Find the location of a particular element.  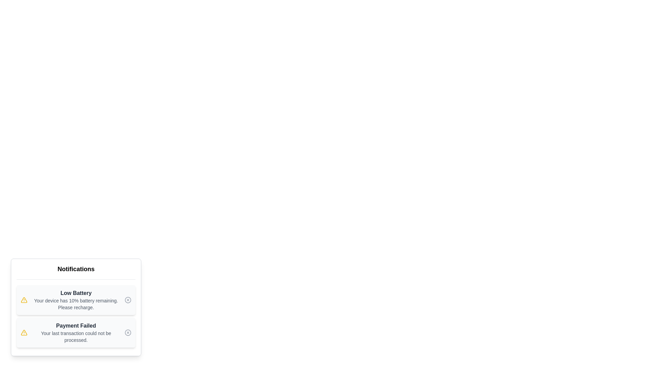

the Text Block displaying 'Low Battery' and 'Your device has 10% battery remaining. Please recharge.' located under the 'Notifications' header is located at coordinates (76, 300).